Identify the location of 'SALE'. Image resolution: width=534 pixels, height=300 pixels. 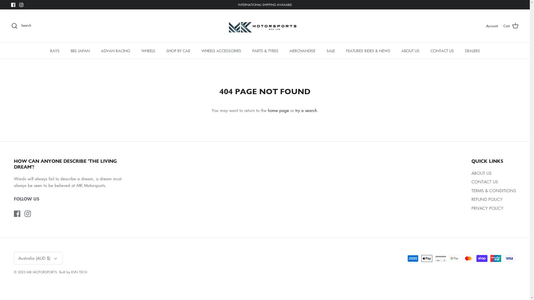
(331, 51).